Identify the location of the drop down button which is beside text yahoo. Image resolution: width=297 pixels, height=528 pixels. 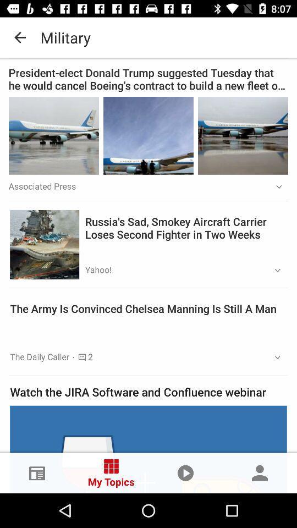
(273, 270).